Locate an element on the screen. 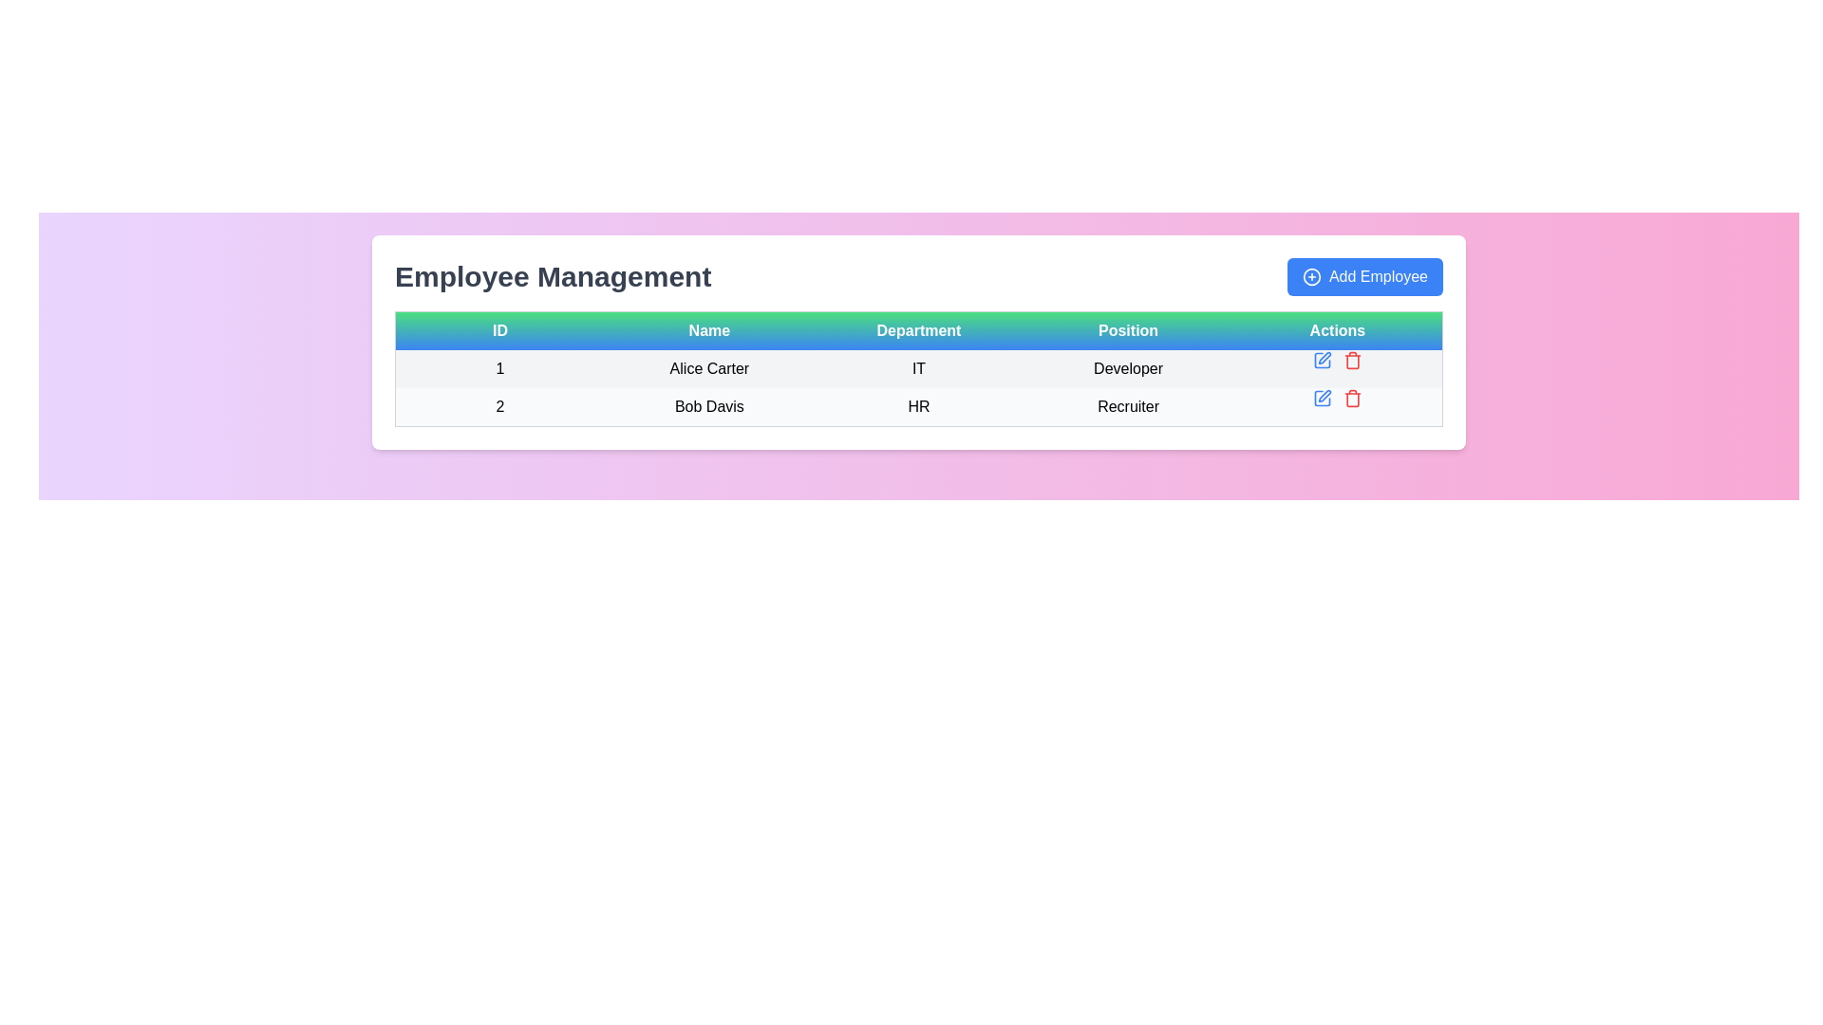  text content of the Table Header Row, which serves as the title for the columns of the table located at the top of the table structure is located at coordinates (919, 328).